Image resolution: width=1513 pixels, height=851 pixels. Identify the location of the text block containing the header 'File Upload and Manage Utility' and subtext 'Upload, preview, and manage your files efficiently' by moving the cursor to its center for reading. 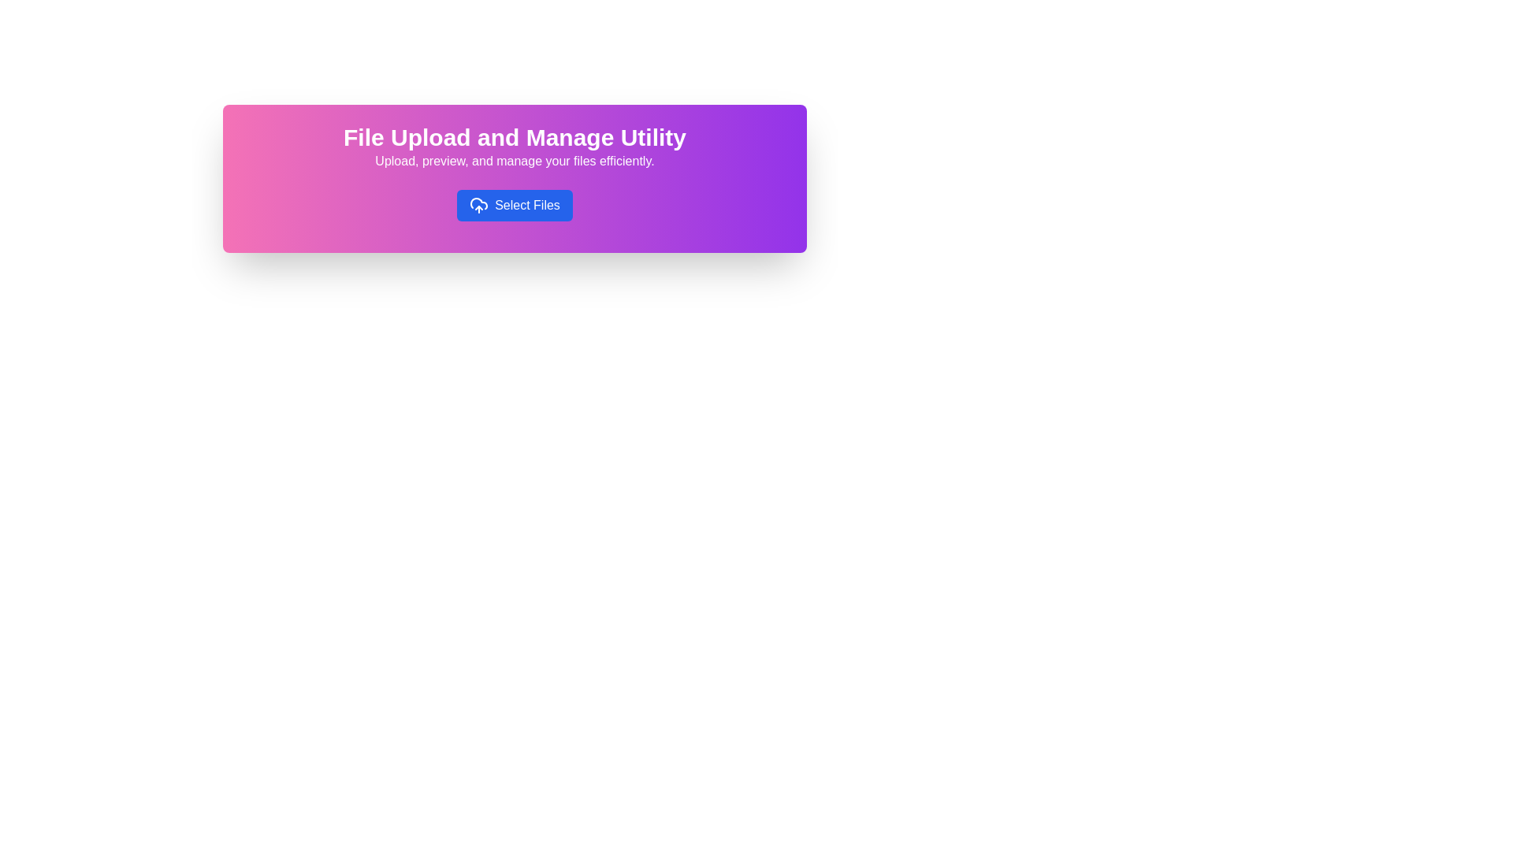
(515, 147).